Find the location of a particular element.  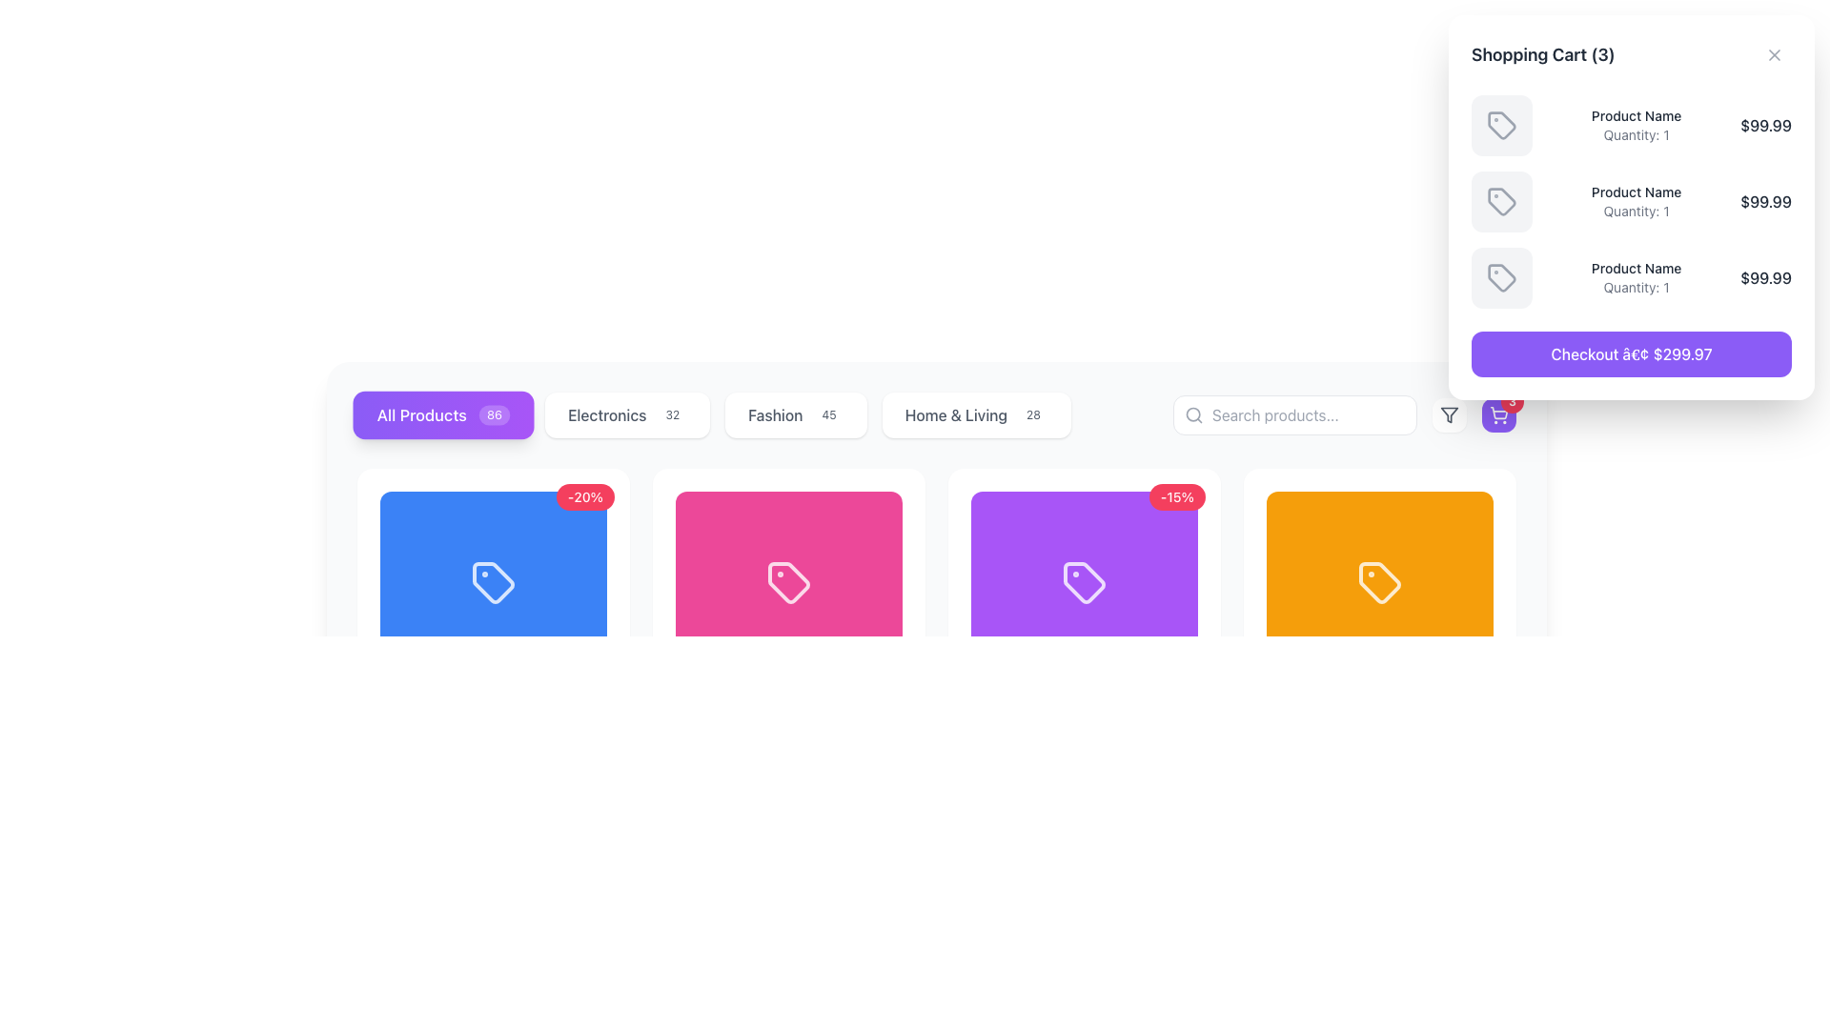

the text display element that shows 'Product Name' and 'Quantity: 1', which is the second item in the shopping cart list, located between a box icon and a price label of '$99.99' is located at coordinates (1636, 202).